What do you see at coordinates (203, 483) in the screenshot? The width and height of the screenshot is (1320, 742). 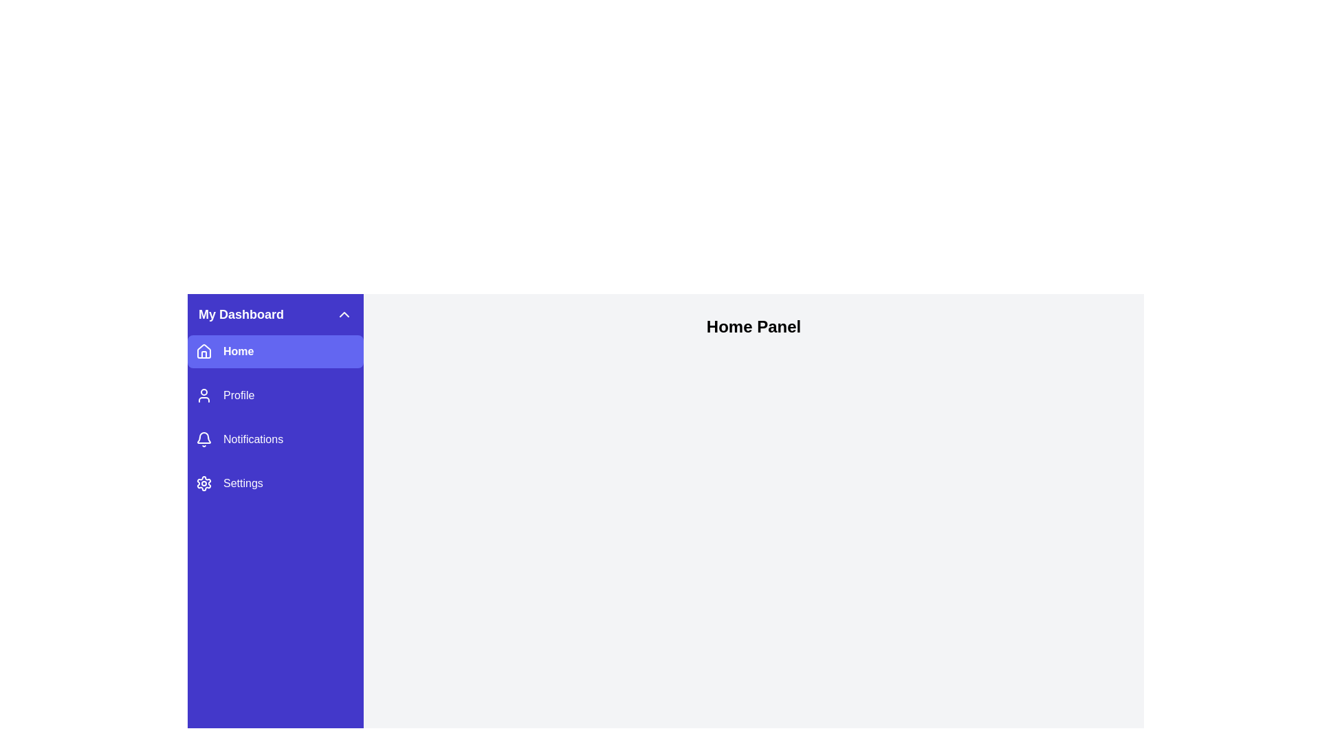 I see `the 'Settings' icon located in the left sidebar of the application` at bounding box center [203, 483].